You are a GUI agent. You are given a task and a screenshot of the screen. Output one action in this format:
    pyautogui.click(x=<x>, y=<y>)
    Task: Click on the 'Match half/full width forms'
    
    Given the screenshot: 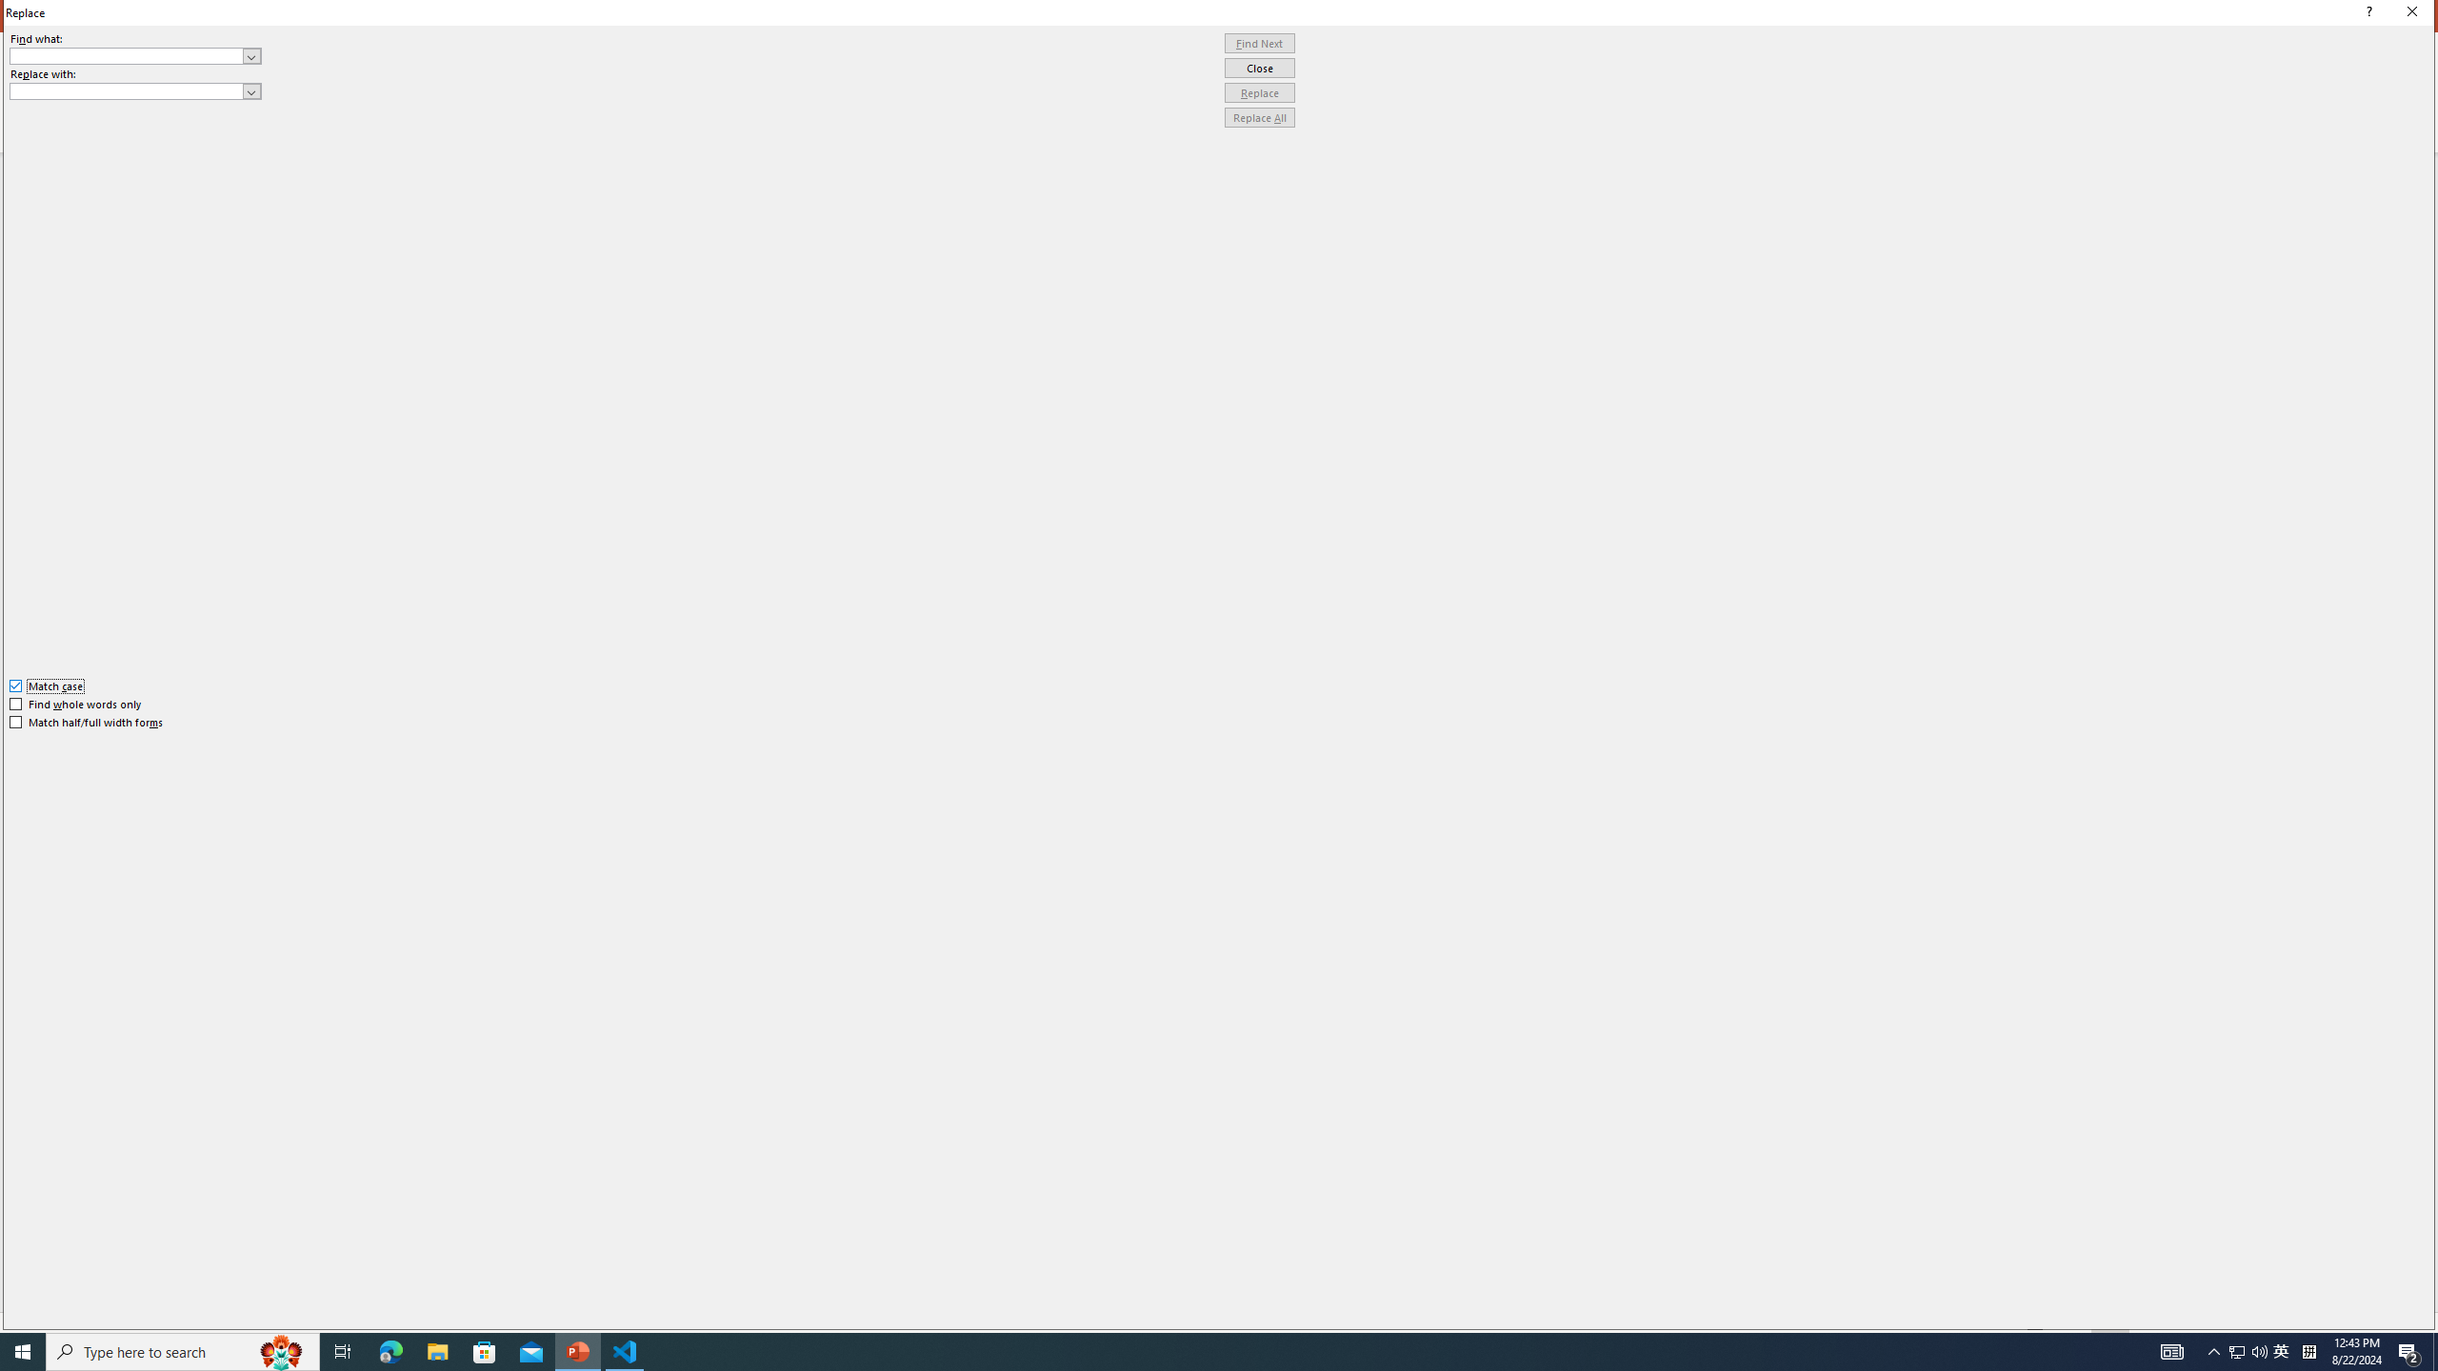 What is the action you would take?
    pyautogui.click(x=87, y=722)
    